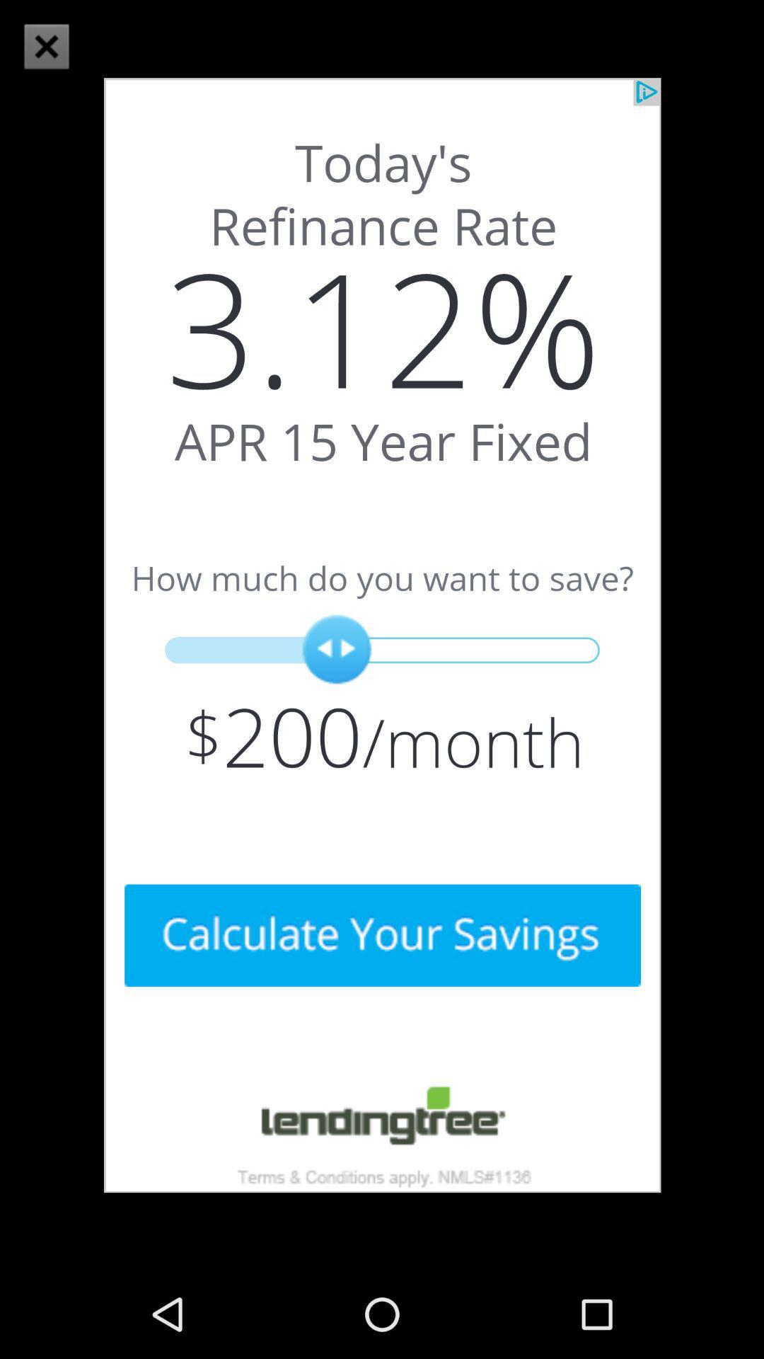 The width and height of the screenshot is (764, 1359). Describe the element at coordinates (45, 50) in the screenshot. I see `the close icon` at that location.